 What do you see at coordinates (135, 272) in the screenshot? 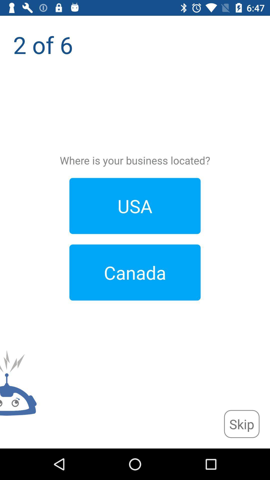
I see `the icon below usa button` at bounding box center [135, 272].